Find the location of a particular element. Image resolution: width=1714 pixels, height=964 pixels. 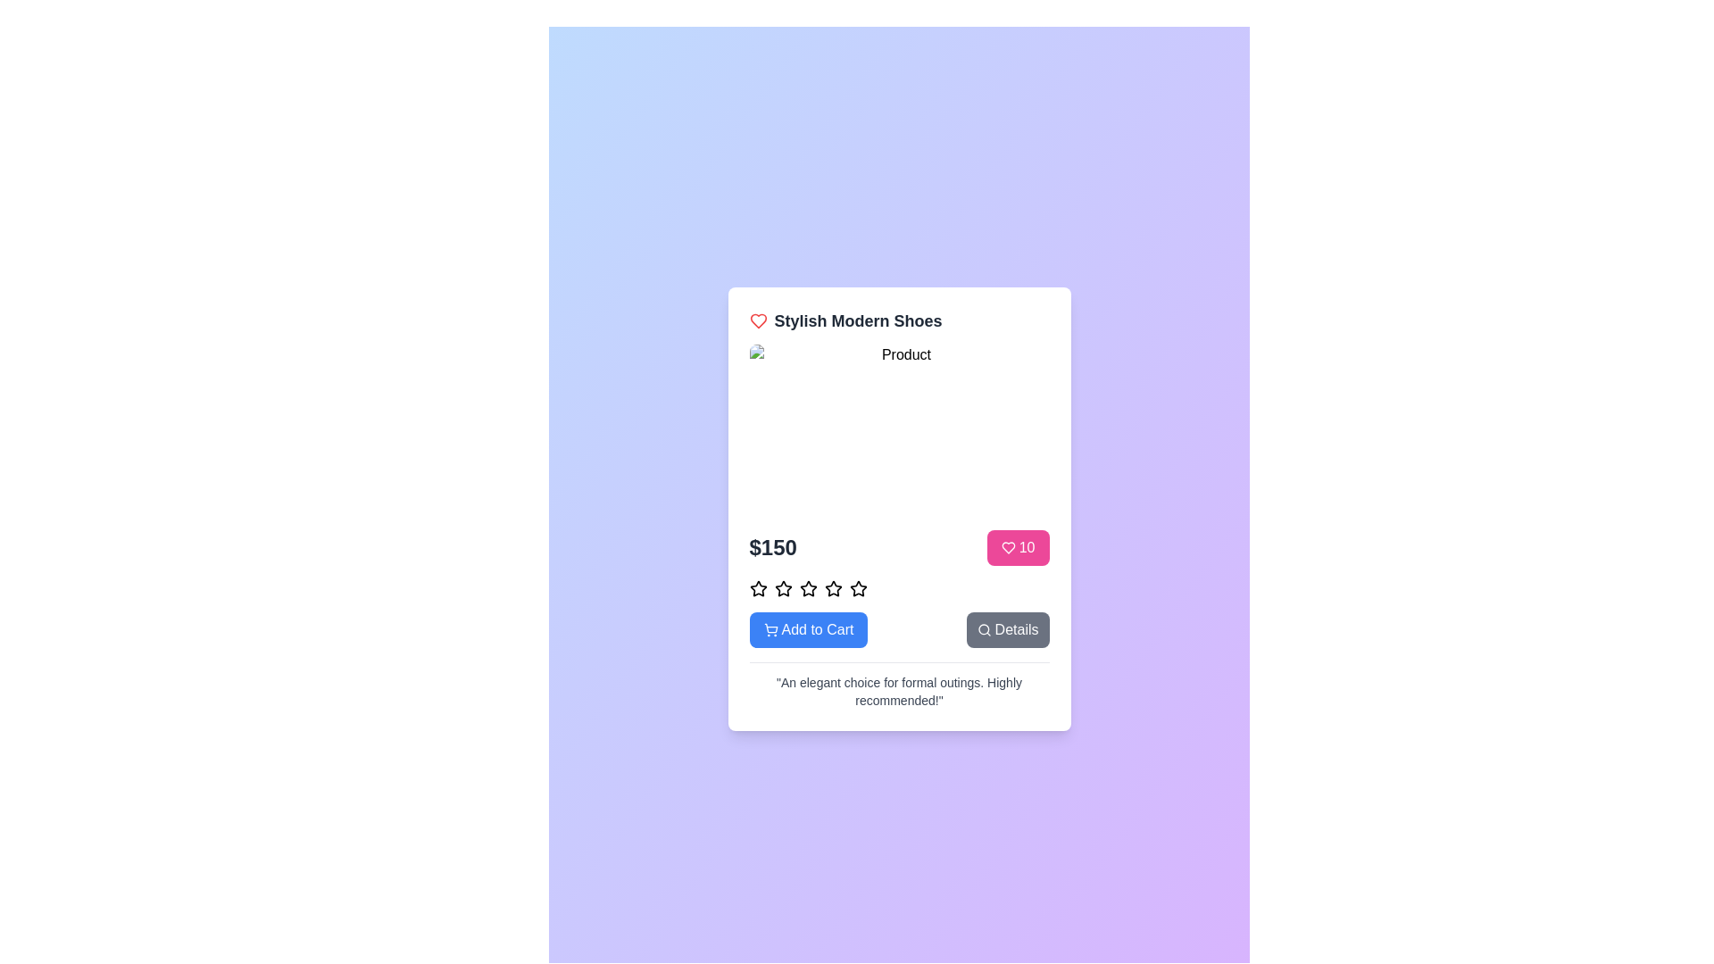

the 'like' button located in the top-right corner of the card component to increment the like count is located at coordinates (1018, 546).